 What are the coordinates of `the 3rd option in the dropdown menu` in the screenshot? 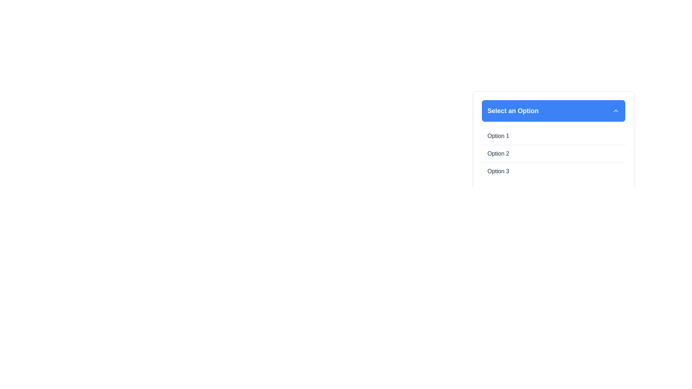 It's located at (498, 171).